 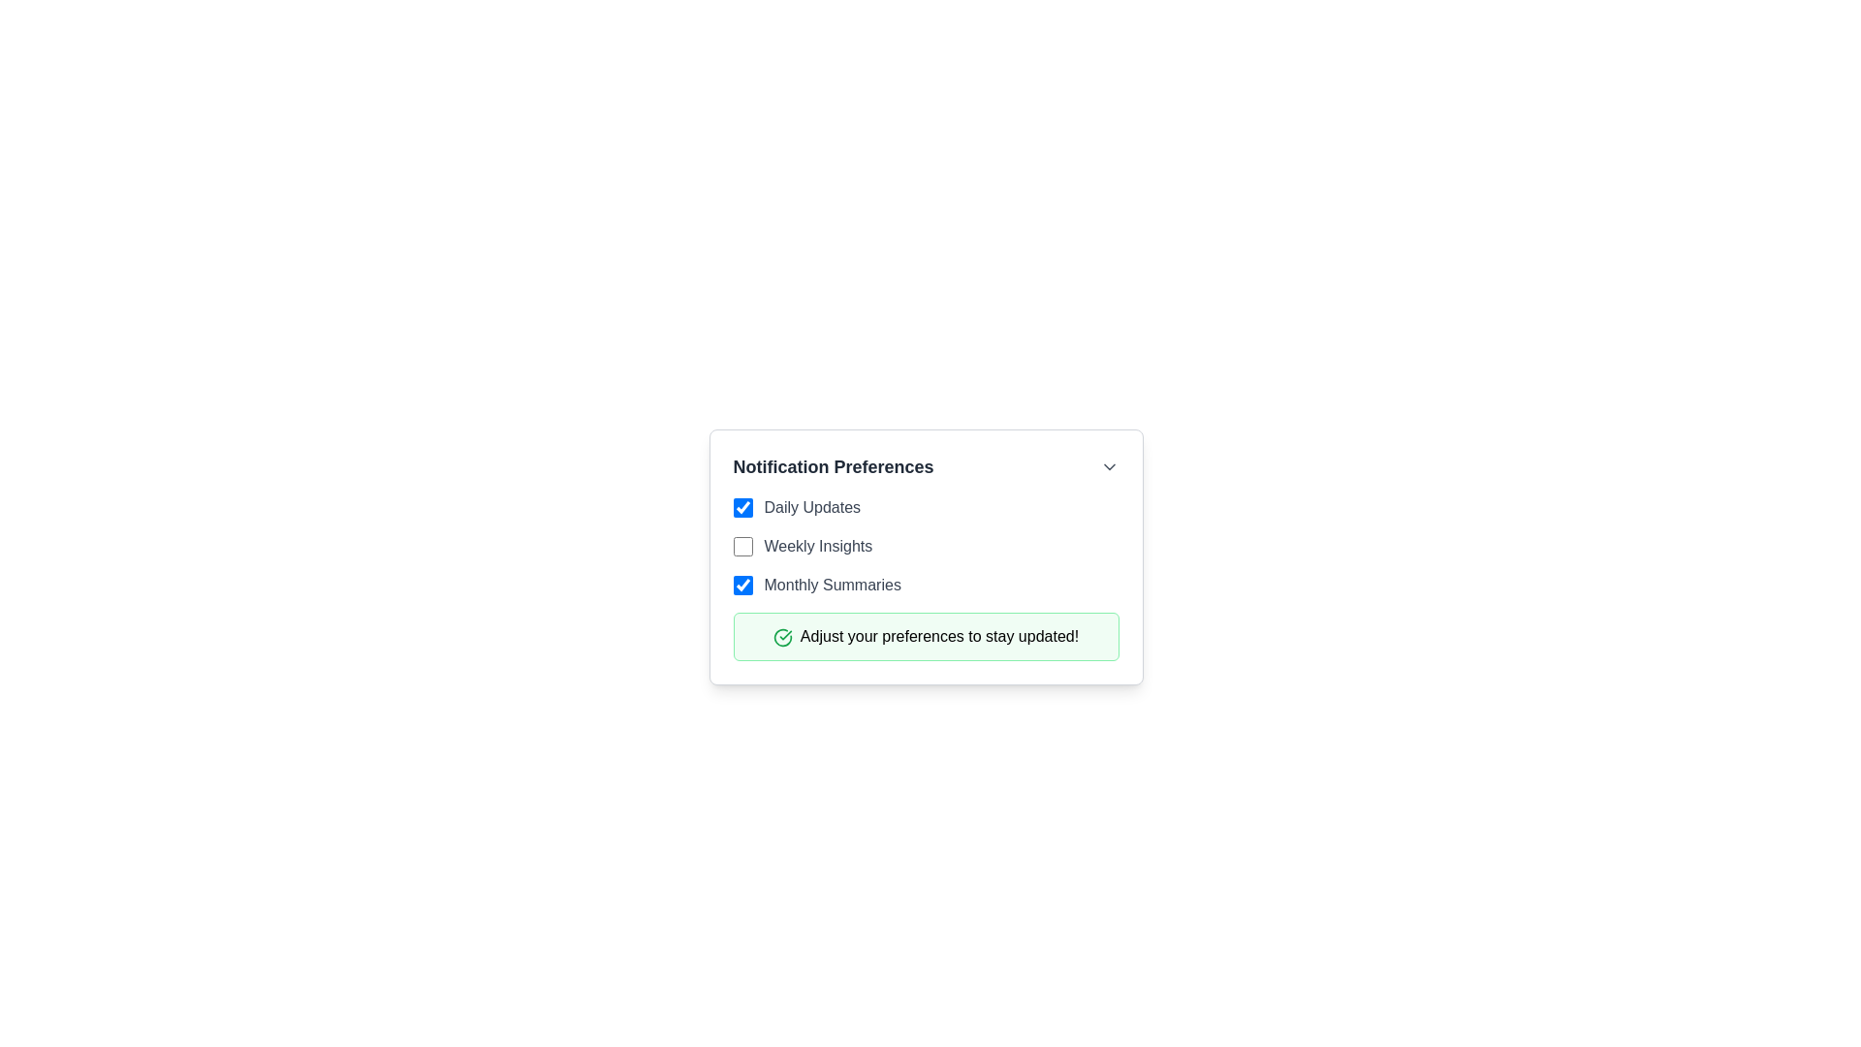 I want to click on the Dropdown indicator icon located on the rightmost side of the 'Notification Preferences' header, so click(x=1109, y=467).